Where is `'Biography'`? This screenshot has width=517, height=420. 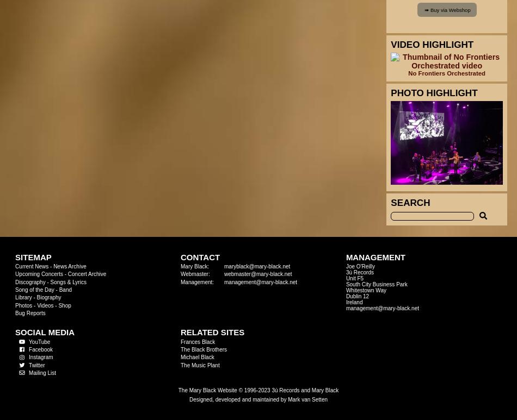 'Biography' is located at coordinates (48, 297).